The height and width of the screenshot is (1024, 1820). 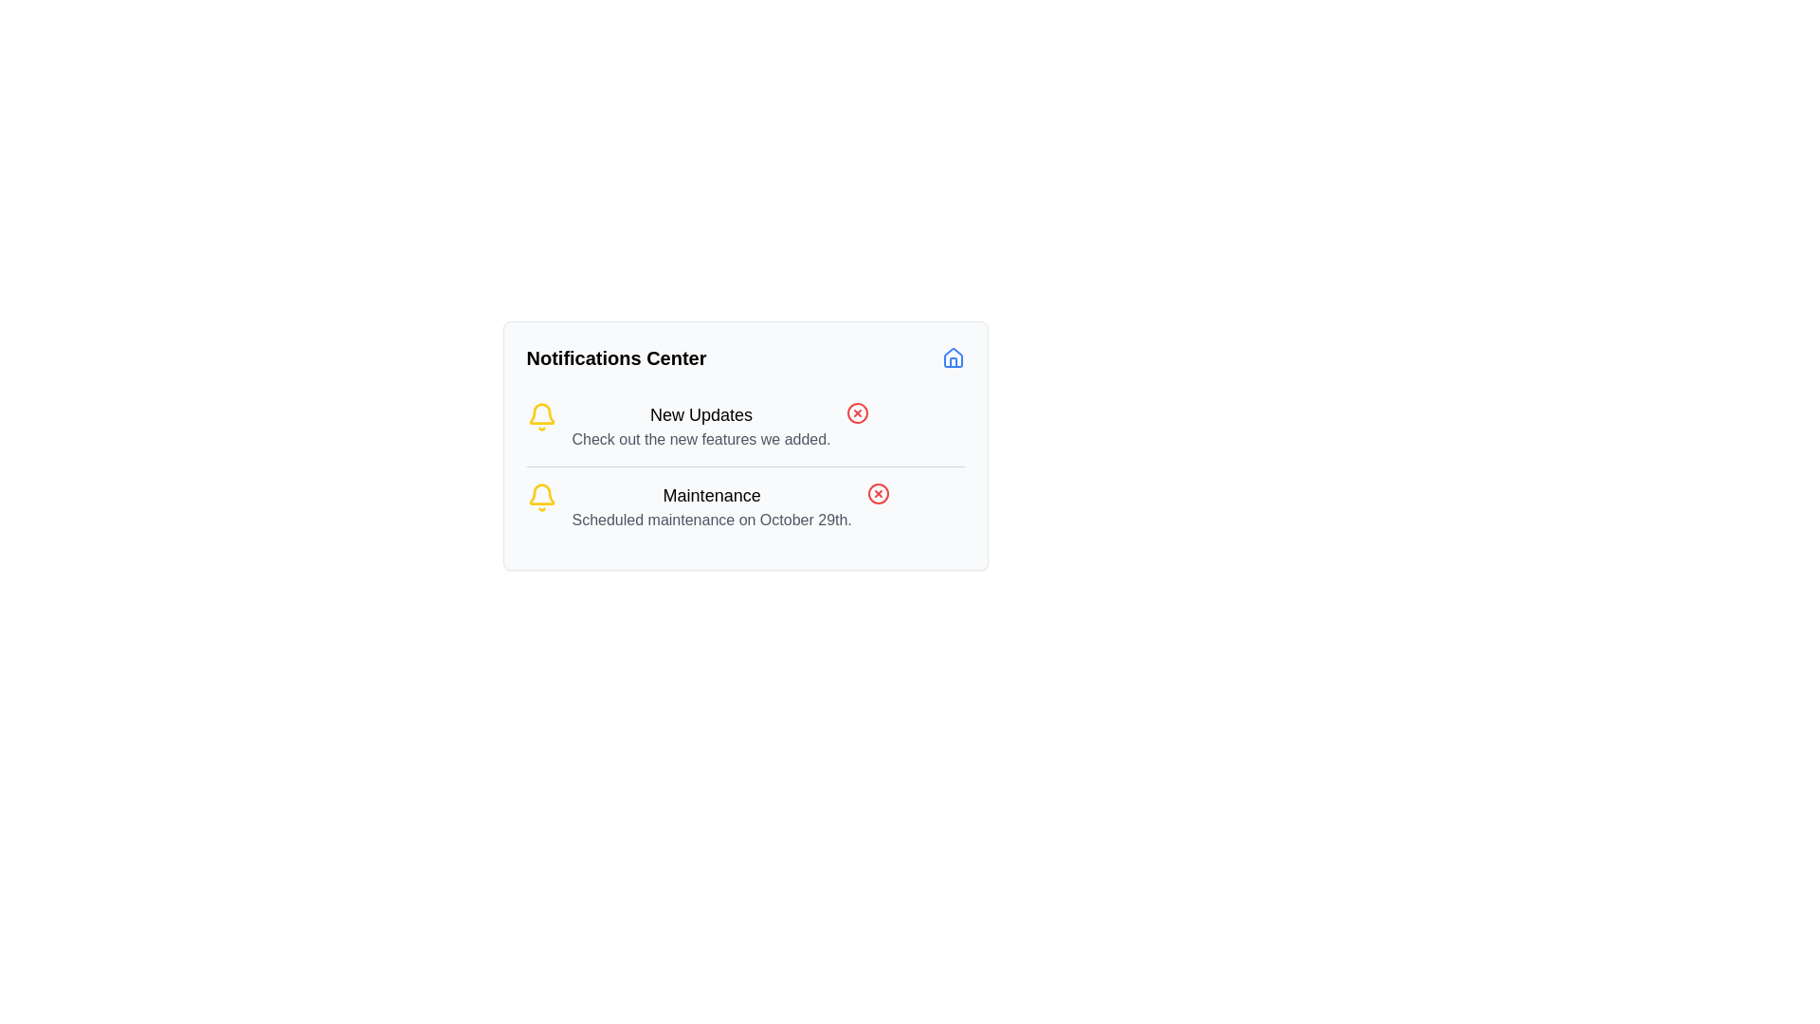 What do you see at coordinates (540, 496) in the screenshot?
I see `the yellow outlined bell icon located on the left side of the 'Maintenance' notification banner, preceding the text 'Maintenance Scheduled maintenance on October 29th.'` at bounding box center [540, 496].